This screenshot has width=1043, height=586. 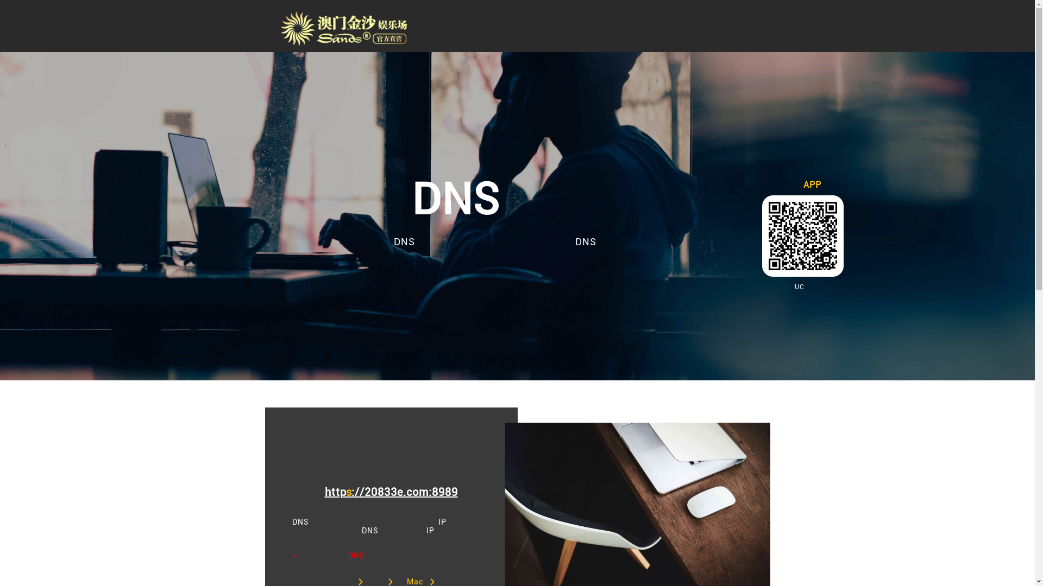 What do you see at coordinates (391, 492) in the screenshot?
I see `'http s ://20833e.com:8989'` at bounding box center [391, 492].